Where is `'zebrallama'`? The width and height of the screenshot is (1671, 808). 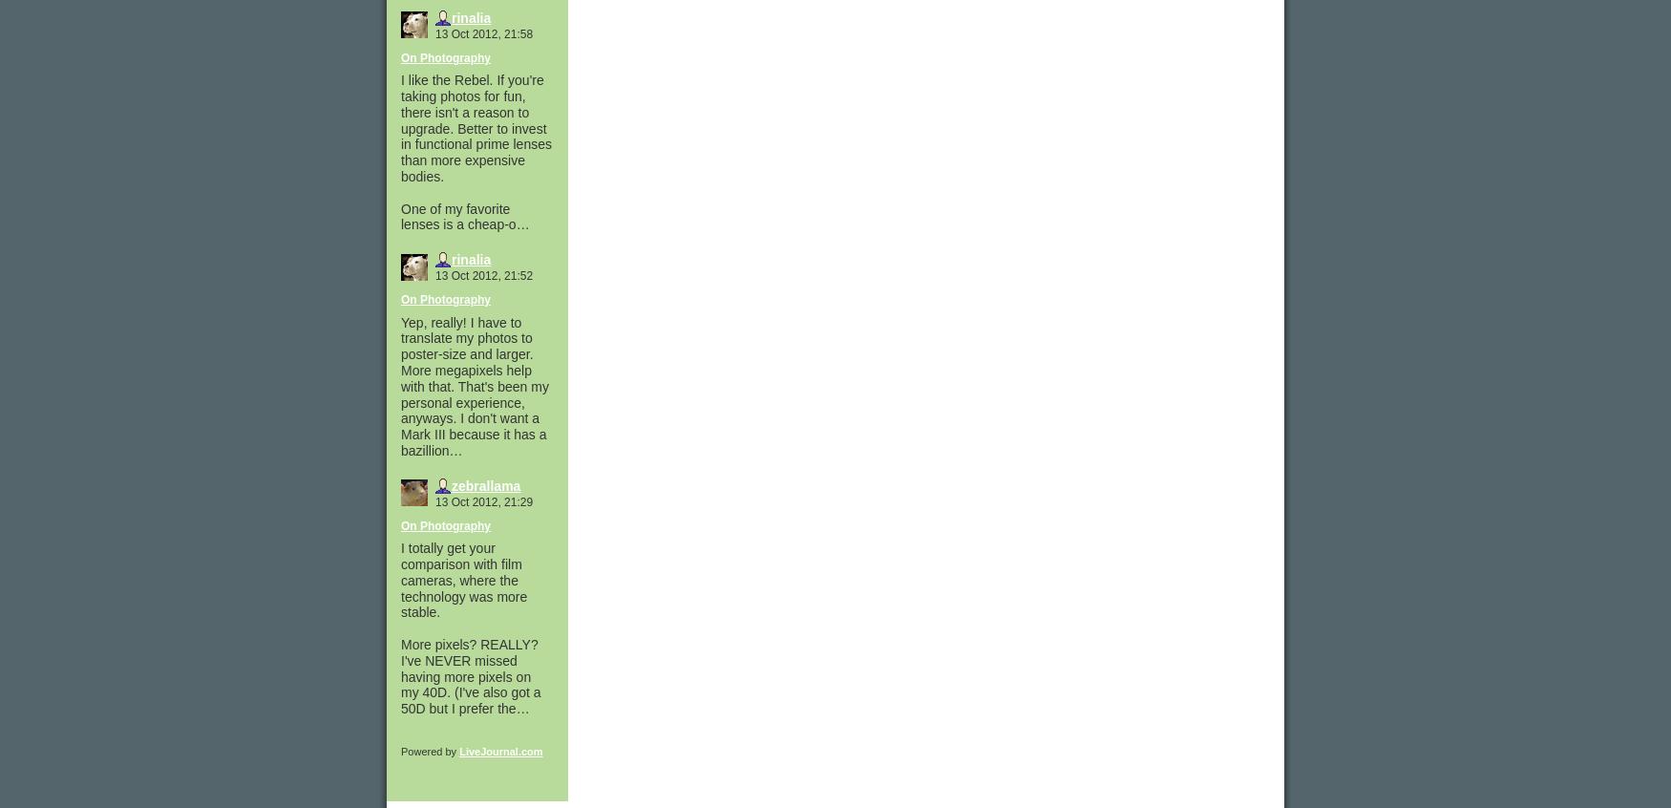 'zebrallama' is located at coordinates (485, 485).